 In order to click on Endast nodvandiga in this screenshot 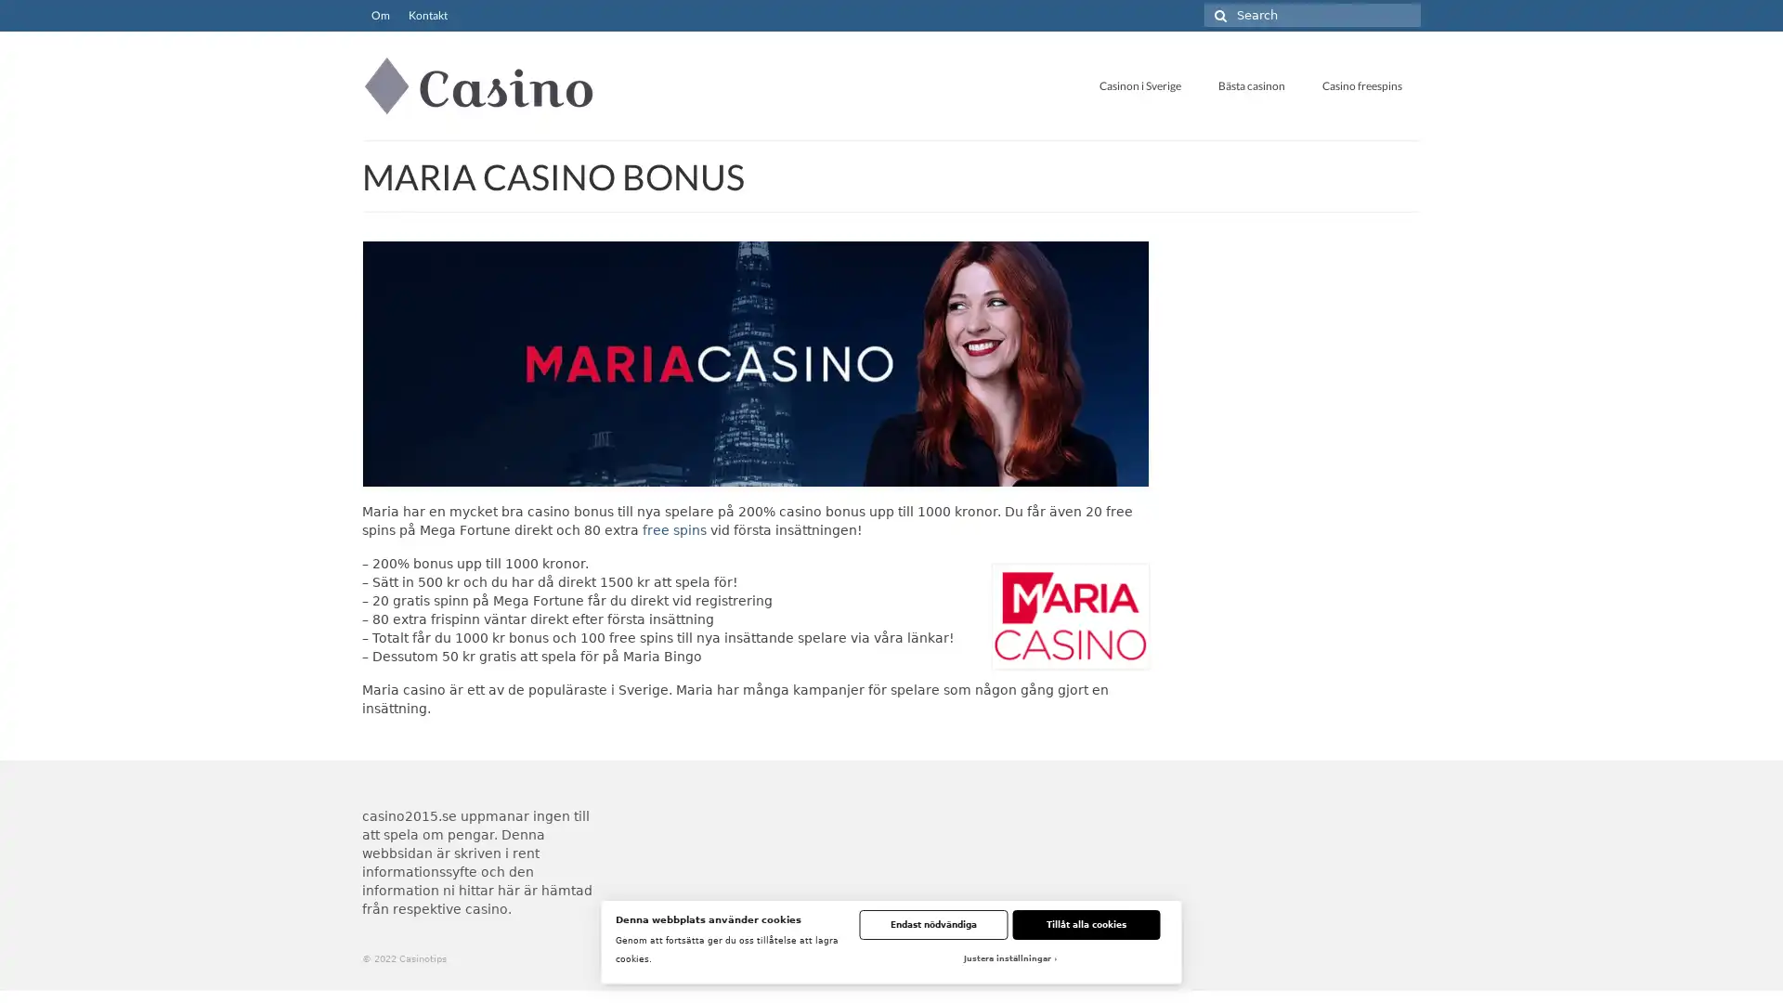, I will do `click(932, 924)`.